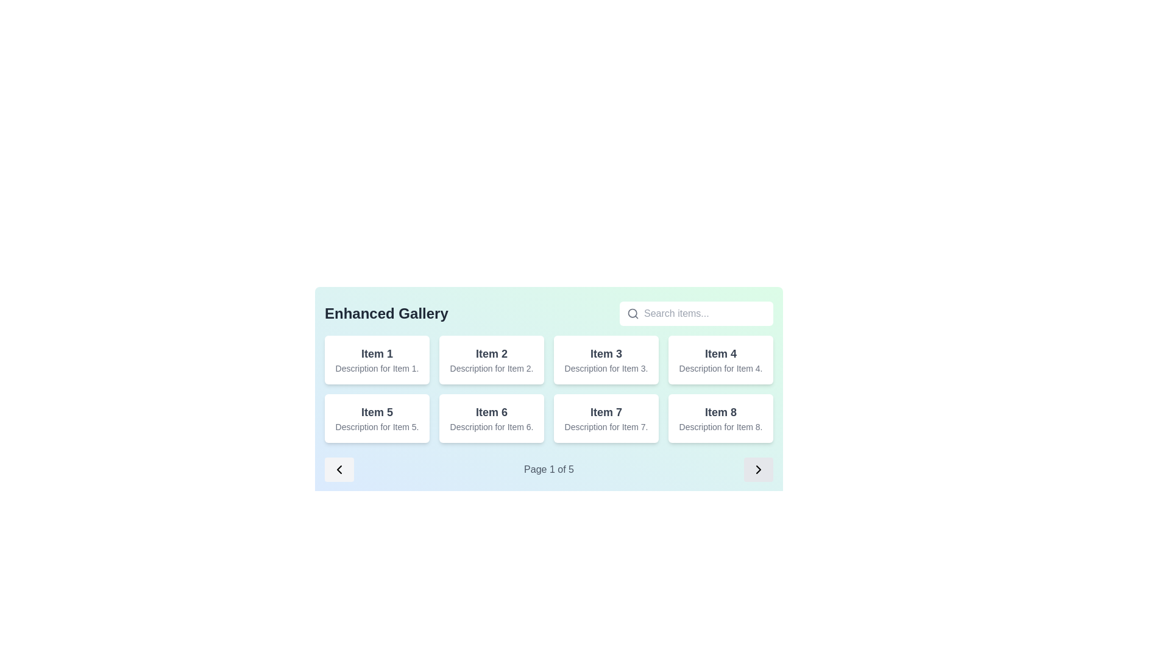 This screenshot has height=658, width=1170. Describe the element at coordinates (720, 359) in the screenshot. I see `the card displaying 'Item 4' in the top-right corner of the grid gallery, which contains the title and description of the item` at that location.